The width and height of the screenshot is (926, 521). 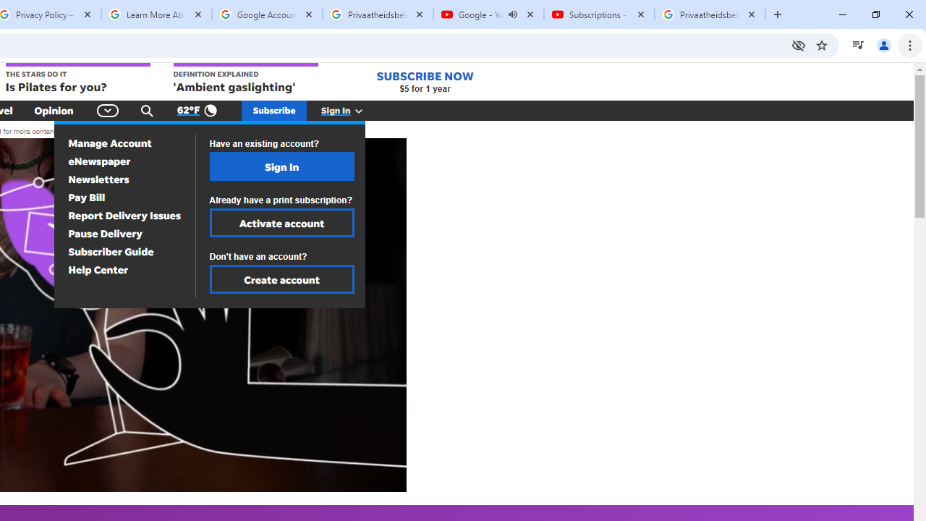 I want to click on 'Subscribe', so click(x=274, y=110).